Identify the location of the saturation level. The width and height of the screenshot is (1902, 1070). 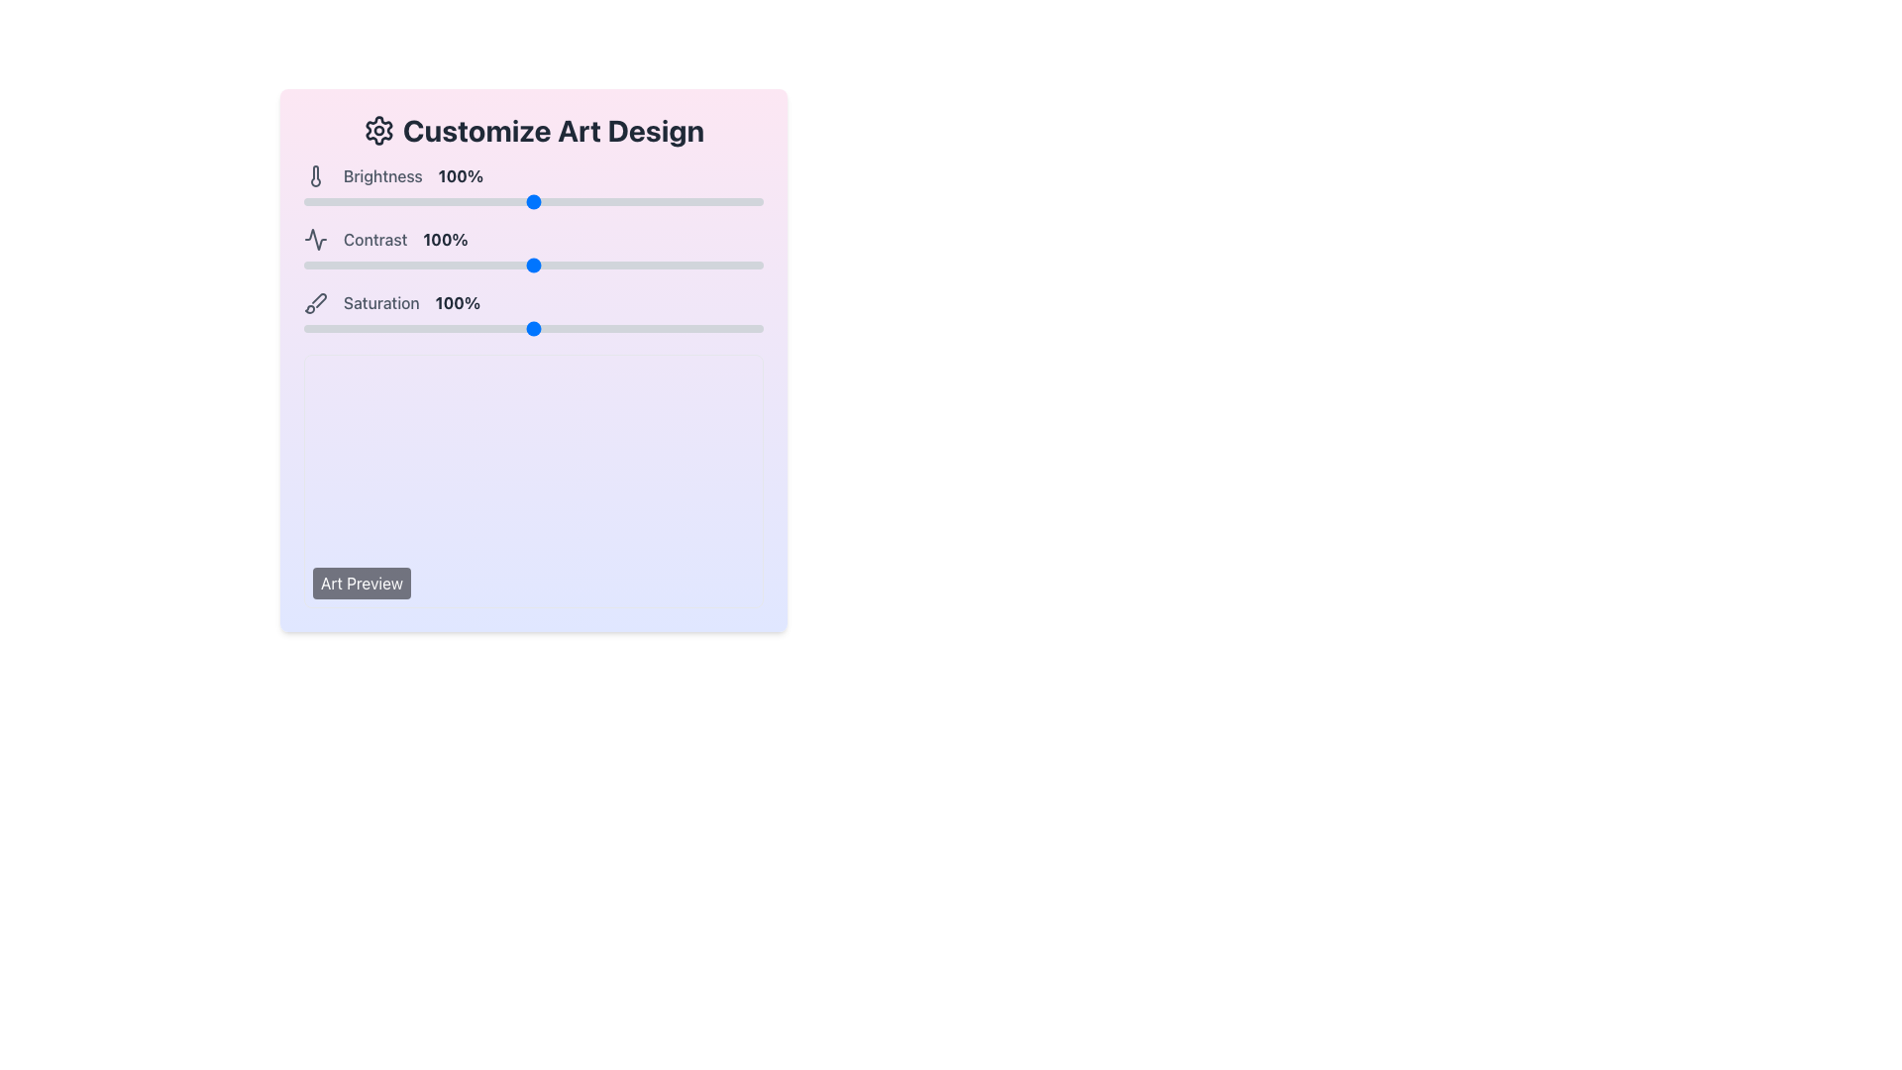
(742, 327).